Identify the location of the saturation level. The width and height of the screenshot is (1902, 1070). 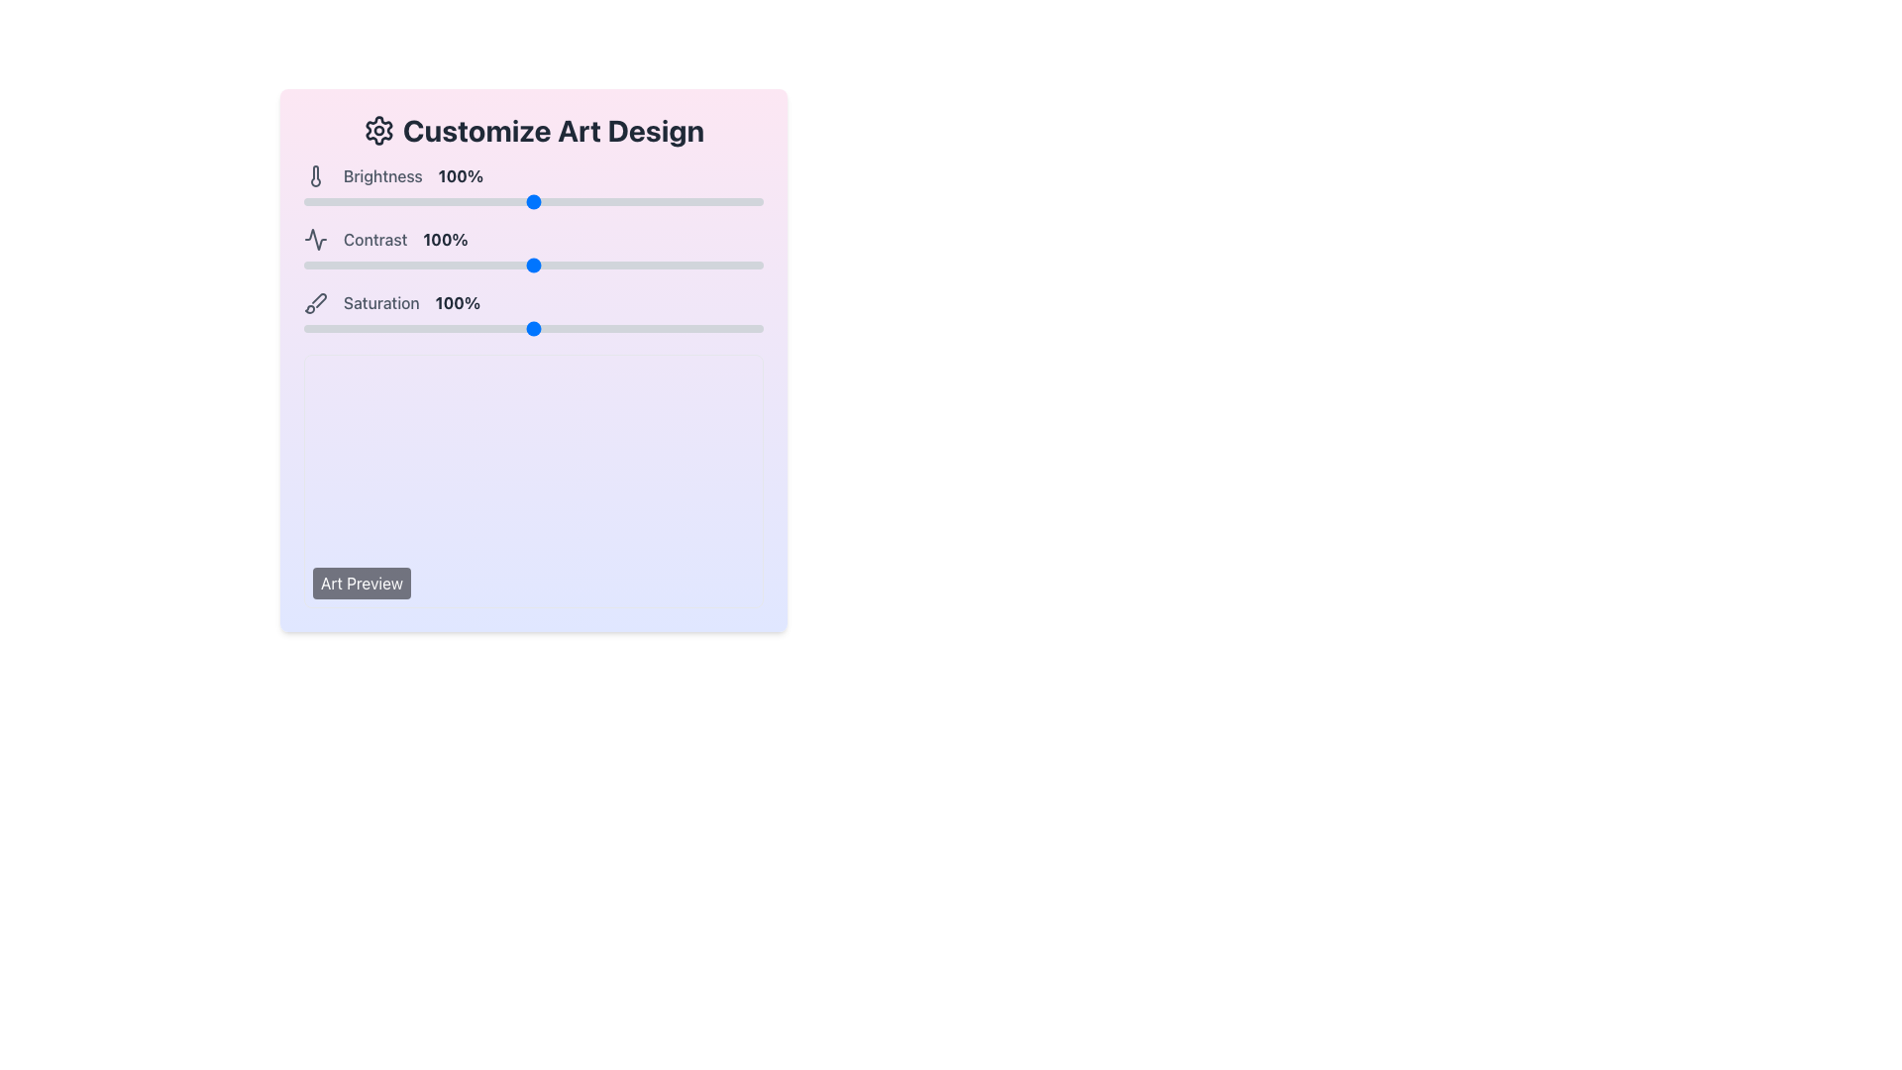
(742, 327).